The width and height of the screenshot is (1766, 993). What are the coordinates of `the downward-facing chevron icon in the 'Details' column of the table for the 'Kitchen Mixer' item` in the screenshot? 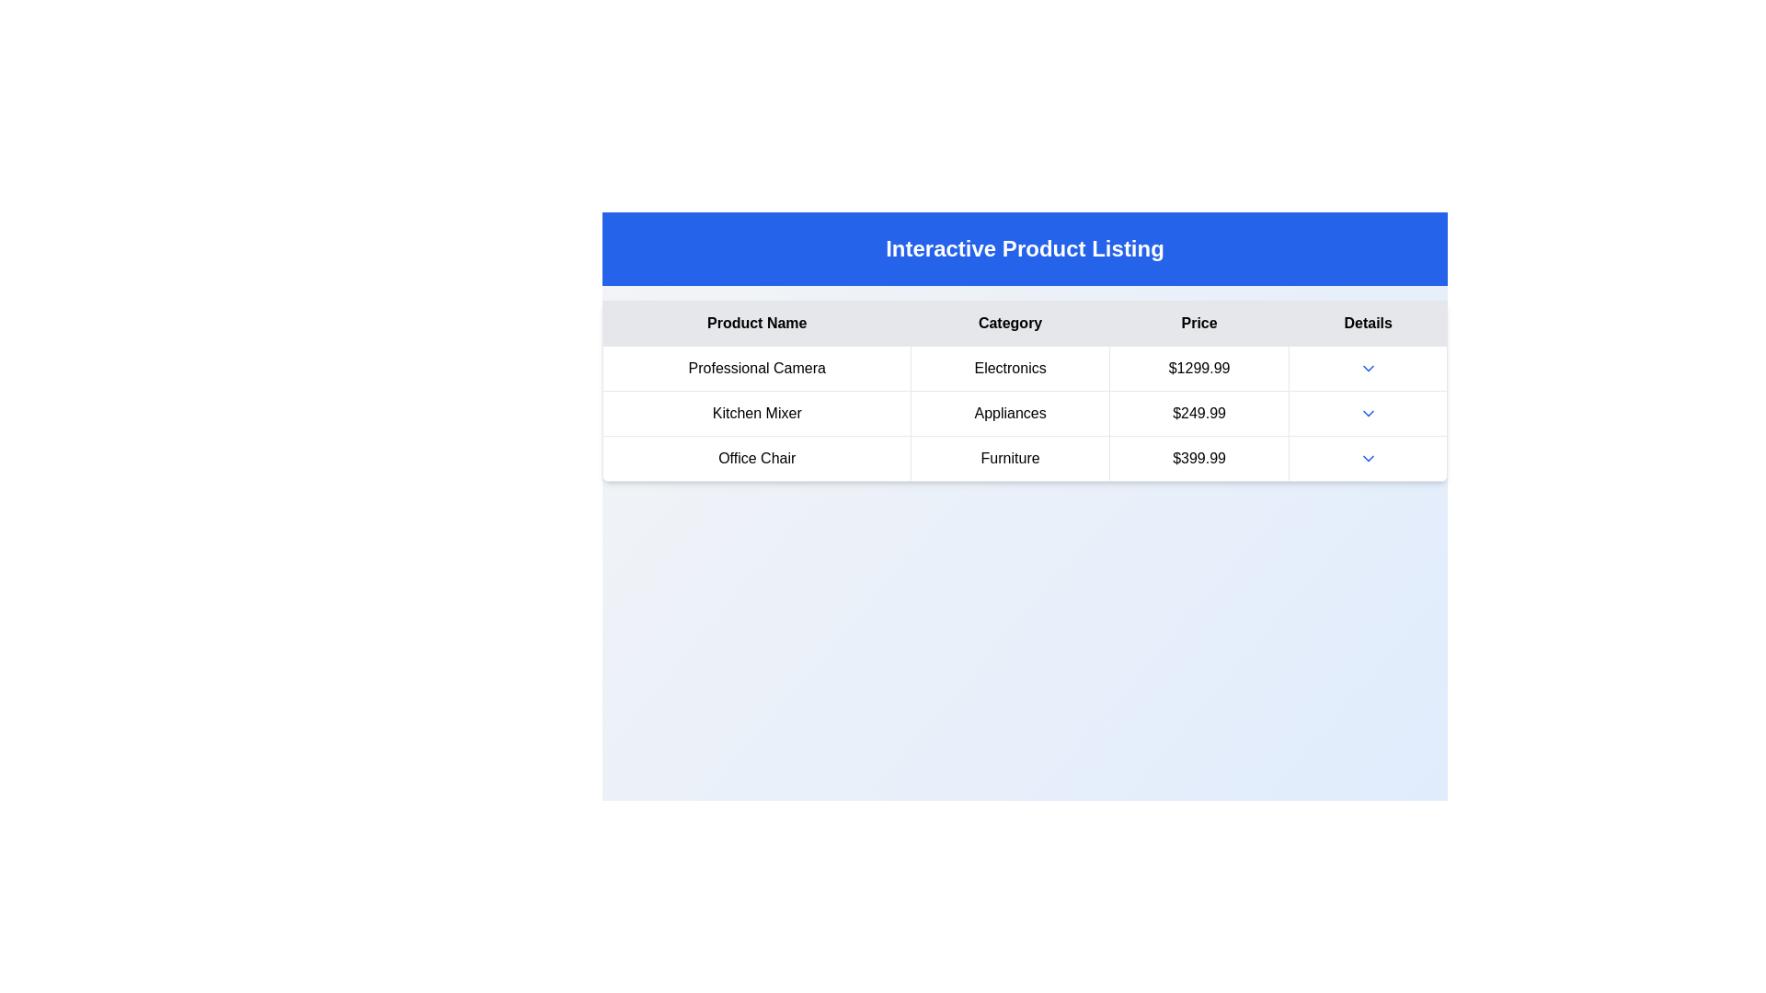 It's located at (1368, 414).